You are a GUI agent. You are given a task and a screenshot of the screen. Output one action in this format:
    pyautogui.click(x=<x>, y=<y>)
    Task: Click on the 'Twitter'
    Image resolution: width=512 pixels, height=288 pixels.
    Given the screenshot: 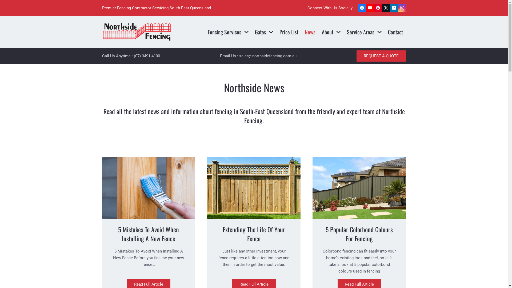 What is the action you would take?
    pyautogui.click(x=386, y=8)
    